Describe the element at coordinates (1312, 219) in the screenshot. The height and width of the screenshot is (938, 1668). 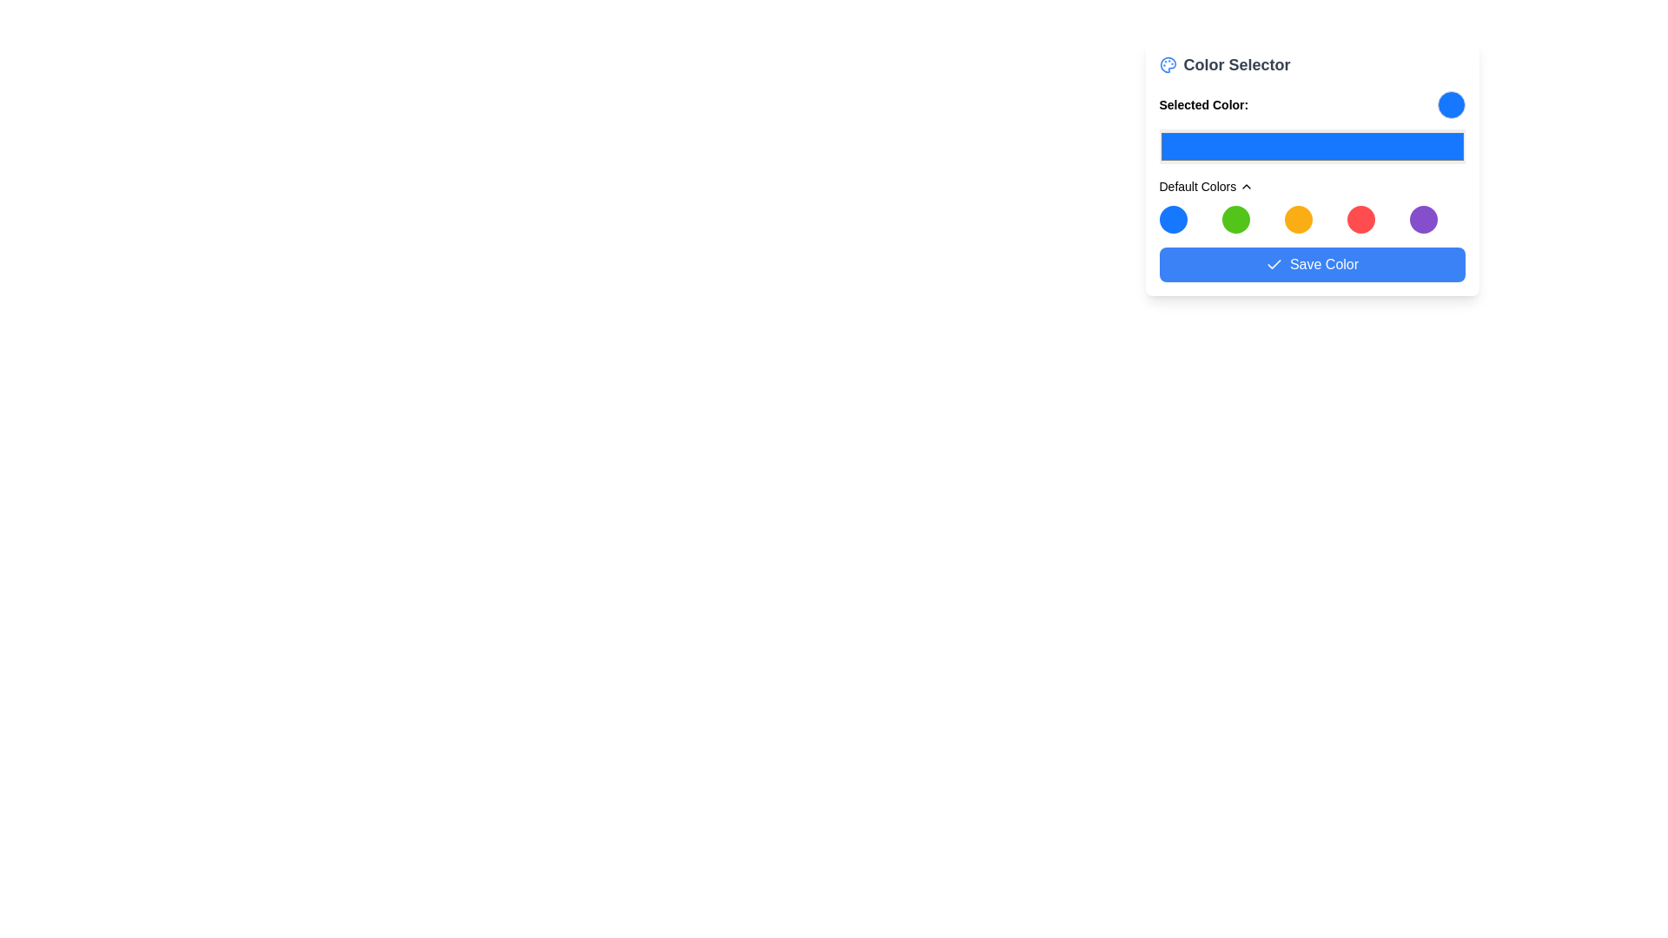
I see `keyboard navigation` at that location.